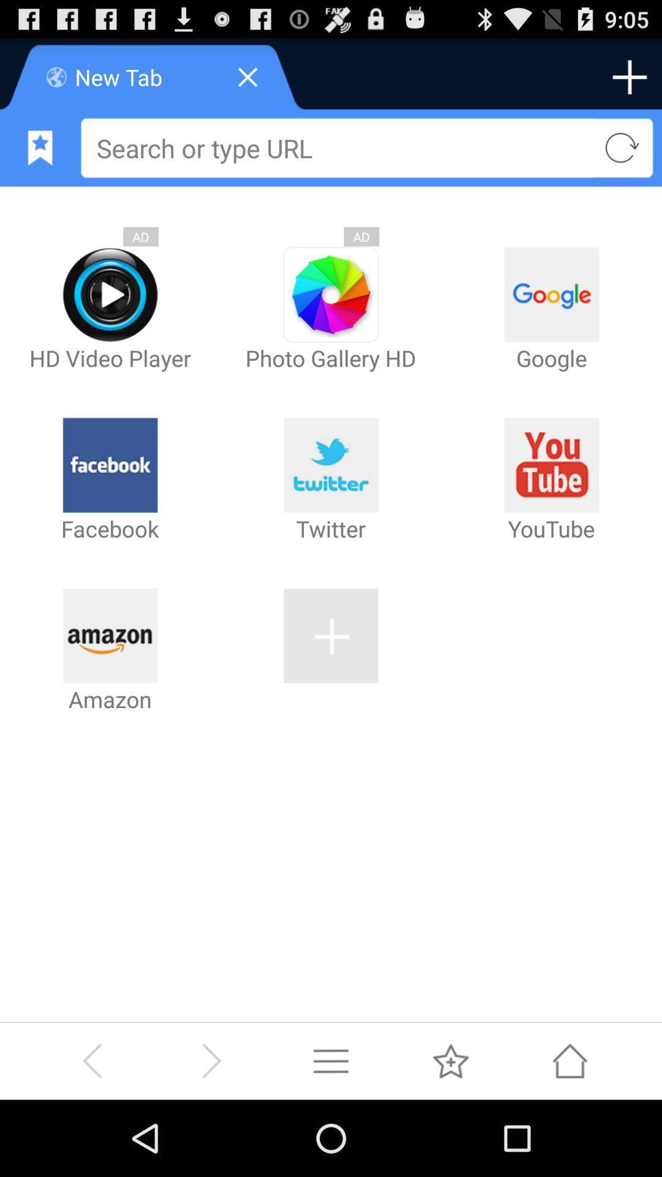  I want to click on the arrow_backward icon, so click(91, 1135).